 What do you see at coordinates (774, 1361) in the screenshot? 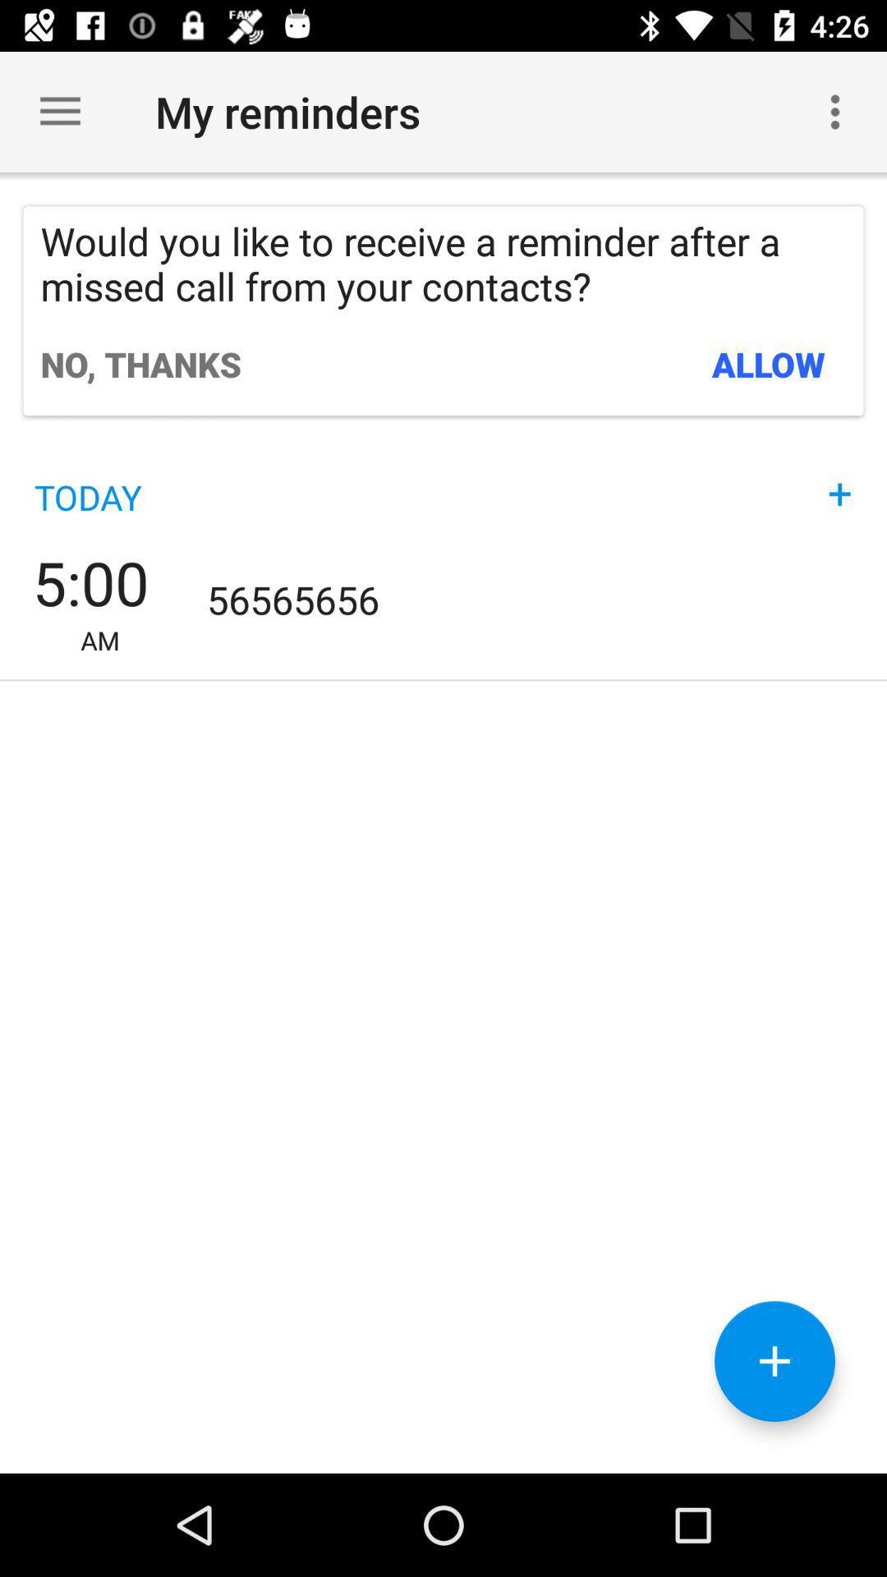
I see `add` at bounding box center [774, 1361].